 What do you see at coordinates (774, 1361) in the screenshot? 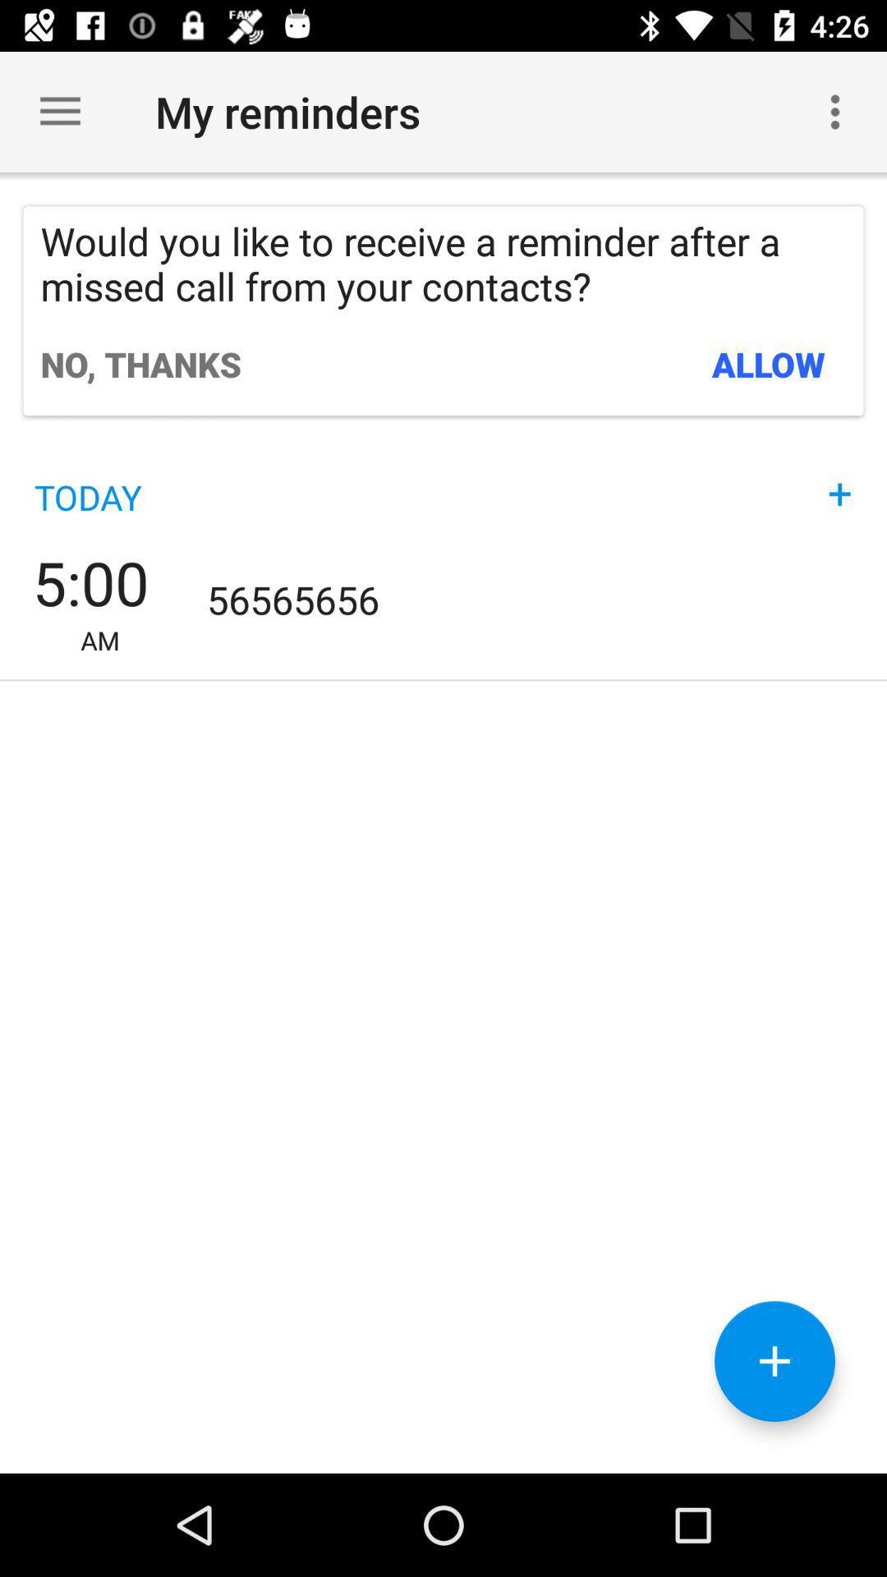
I see `add` at bounding box center [774, 1361].